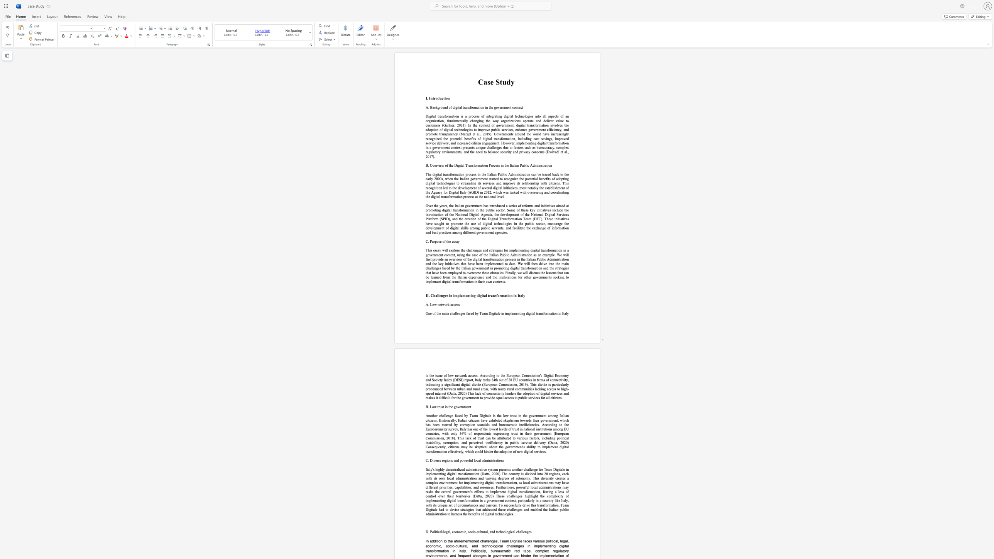  I want to click on the 33th character "n" in the text, so click(446, 196).